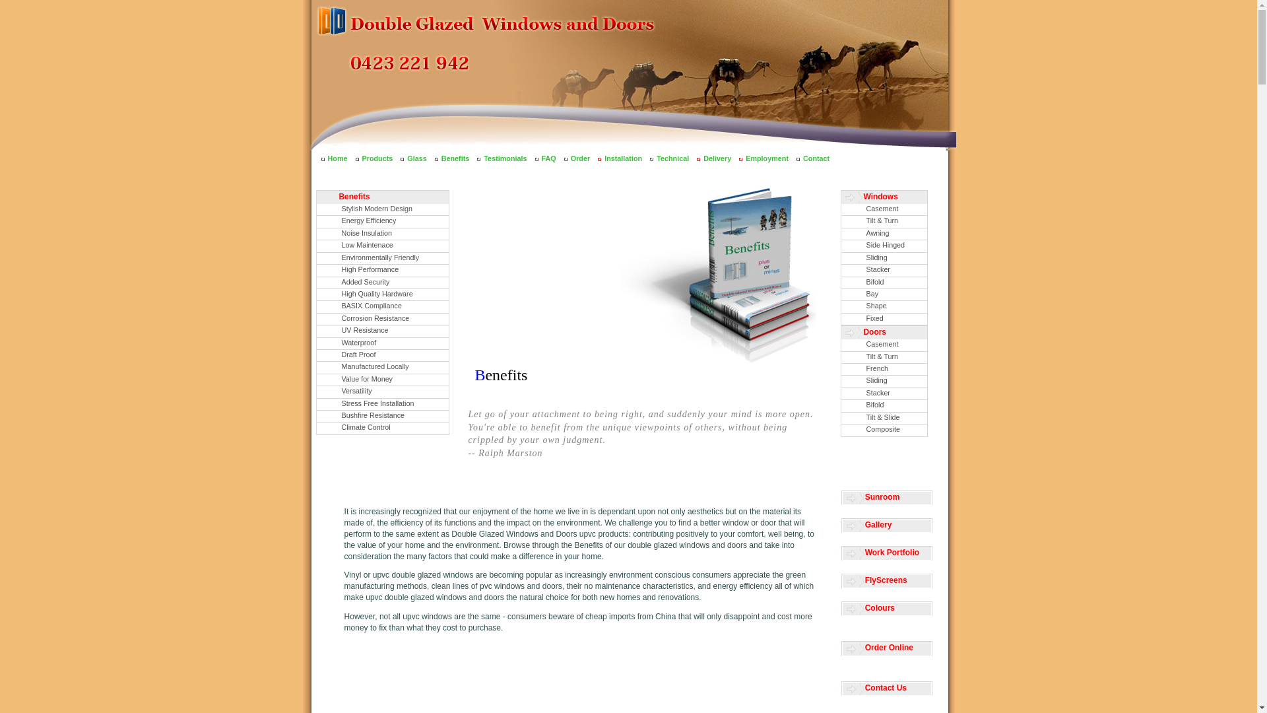  Describe the element at coordinates (382, 403) in the screenshot. I see `'Stress Free Installation'` at that location.